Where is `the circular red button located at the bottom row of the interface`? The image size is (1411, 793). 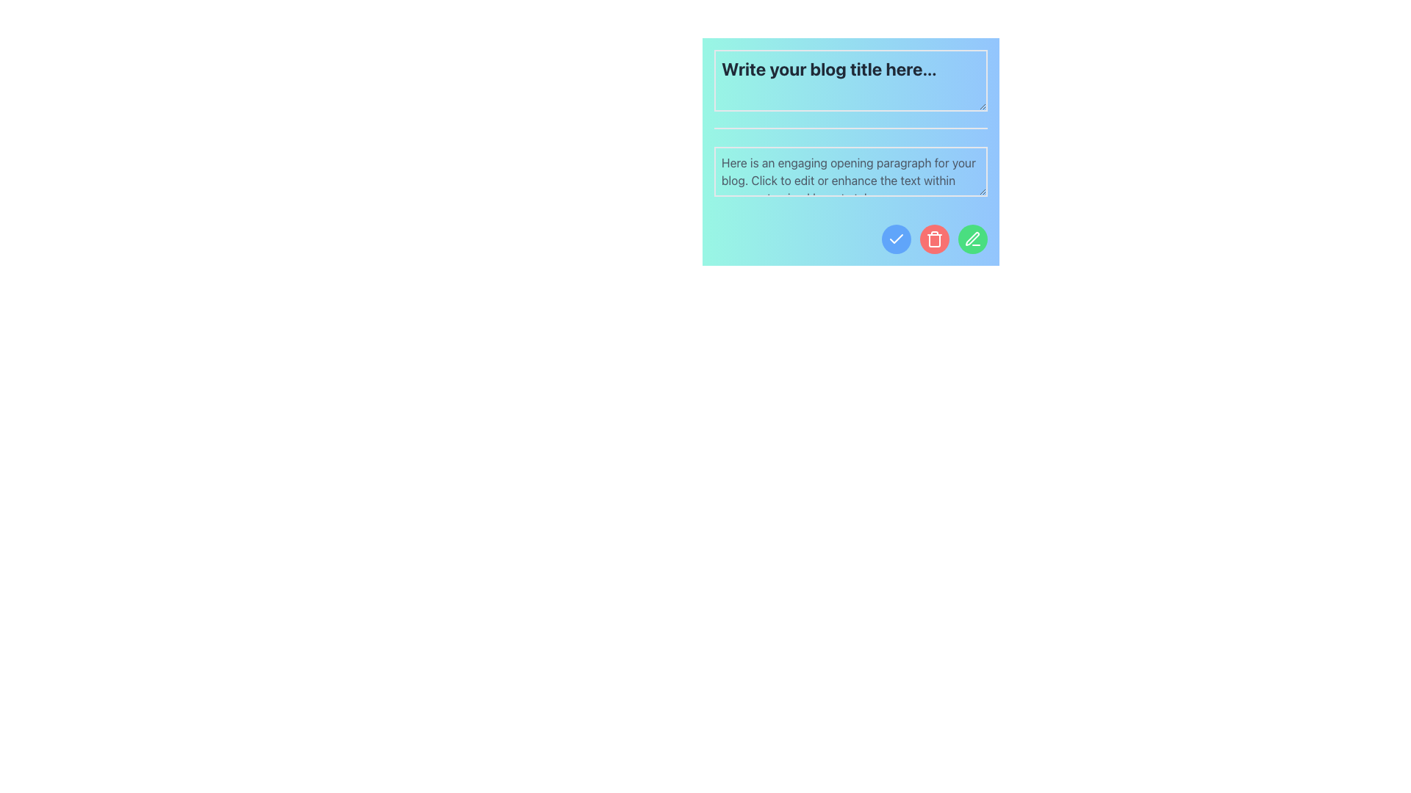 the circular red button located at the bottom row of the interface is located at coordinates (934, 239).